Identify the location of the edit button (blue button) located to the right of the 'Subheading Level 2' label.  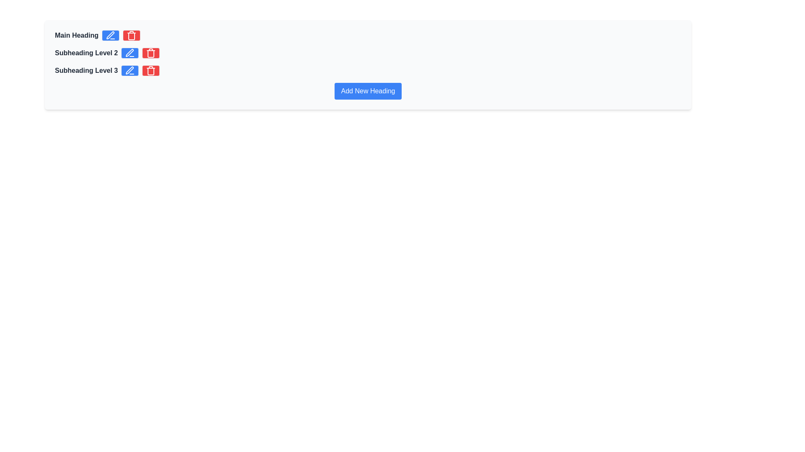
(130, 53).